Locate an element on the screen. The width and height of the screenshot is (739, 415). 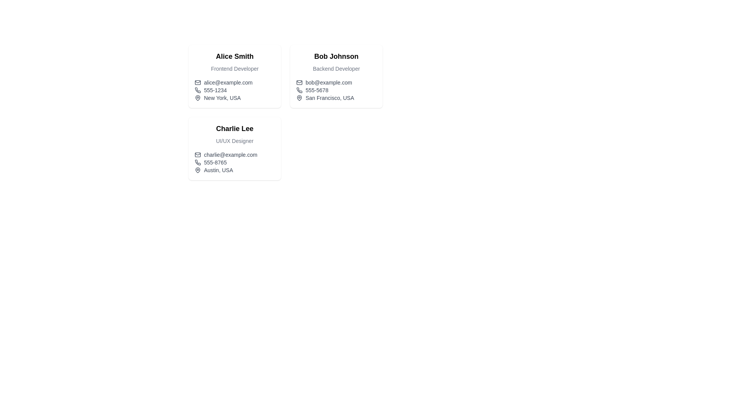
the phone number display for 'Charlie Lee', which is the second-to-last entry in the profile card, located beneath the email address and above the location is located at coordinates (234, 162).